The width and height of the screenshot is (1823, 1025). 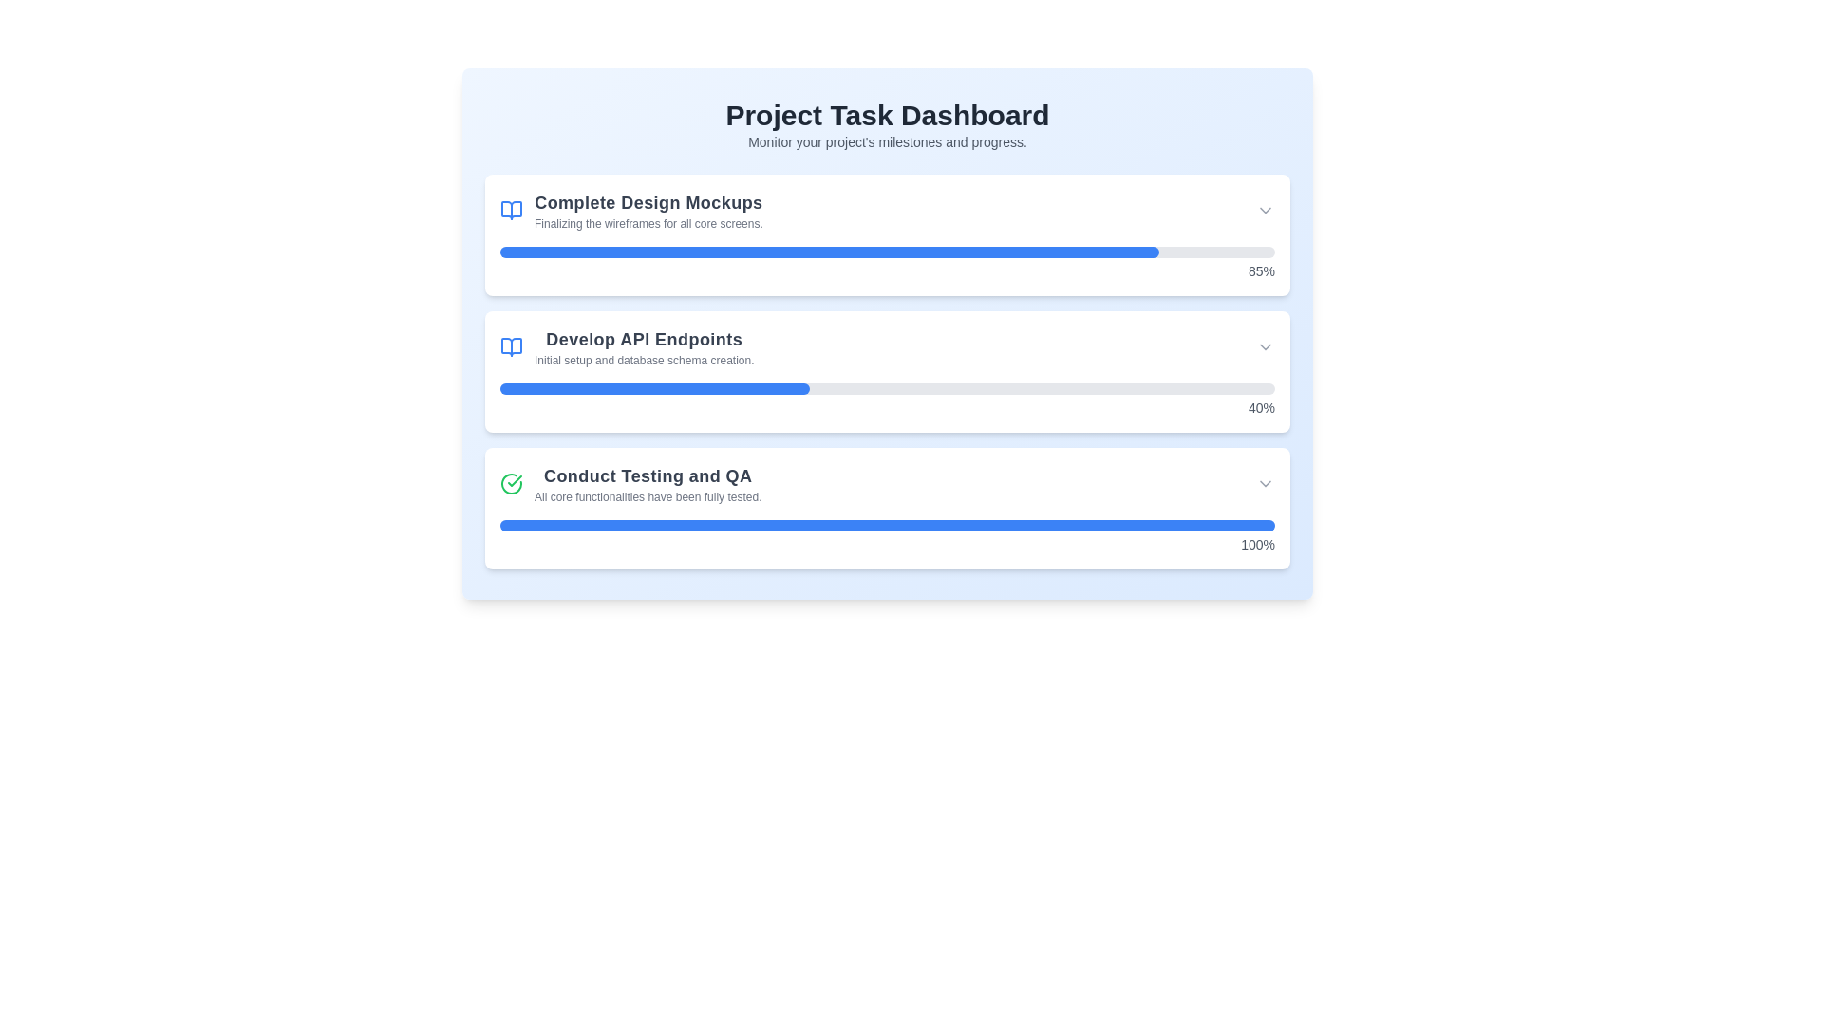 I want to click on the green circular icon with a checkmark indicating completion, located next to the text 'Conduct Testing and QA' in the third item of the task list, so click(x=511, y=482).